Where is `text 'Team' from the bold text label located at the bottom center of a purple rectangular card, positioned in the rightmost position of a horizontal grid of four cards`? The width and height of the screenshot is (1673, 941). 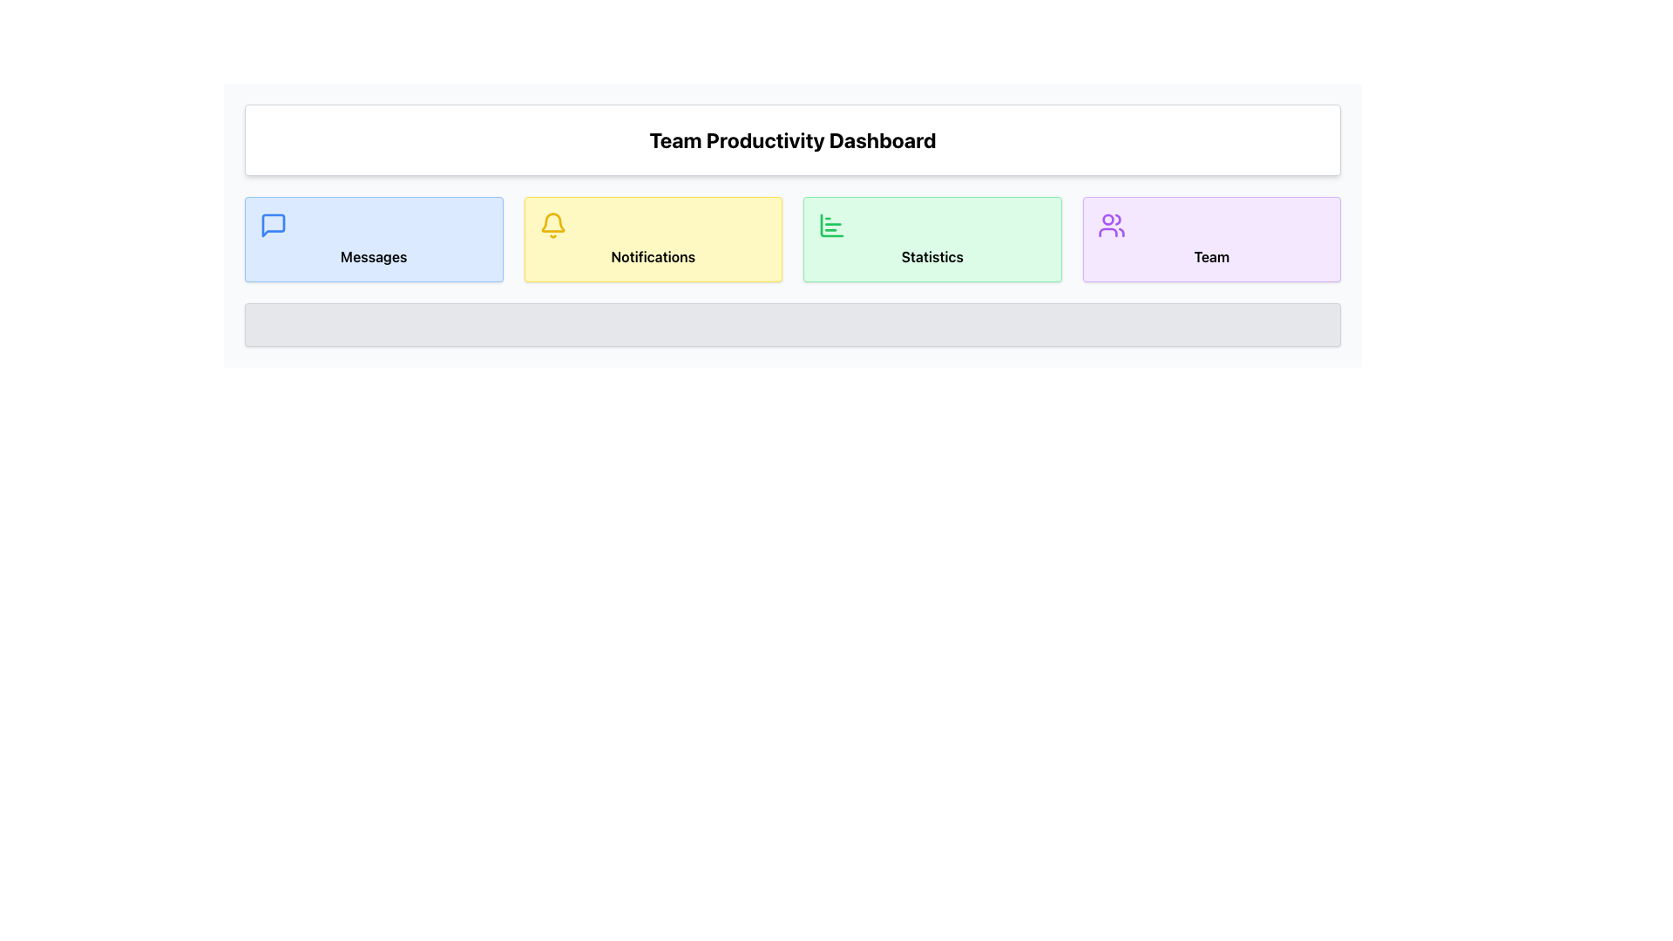
text 'Team' from the bold text label located at the bottom center of a purple rectangular card, positioned in the rightmost position of a horizontal grid of four cards is located at coordinates (1210, 256).